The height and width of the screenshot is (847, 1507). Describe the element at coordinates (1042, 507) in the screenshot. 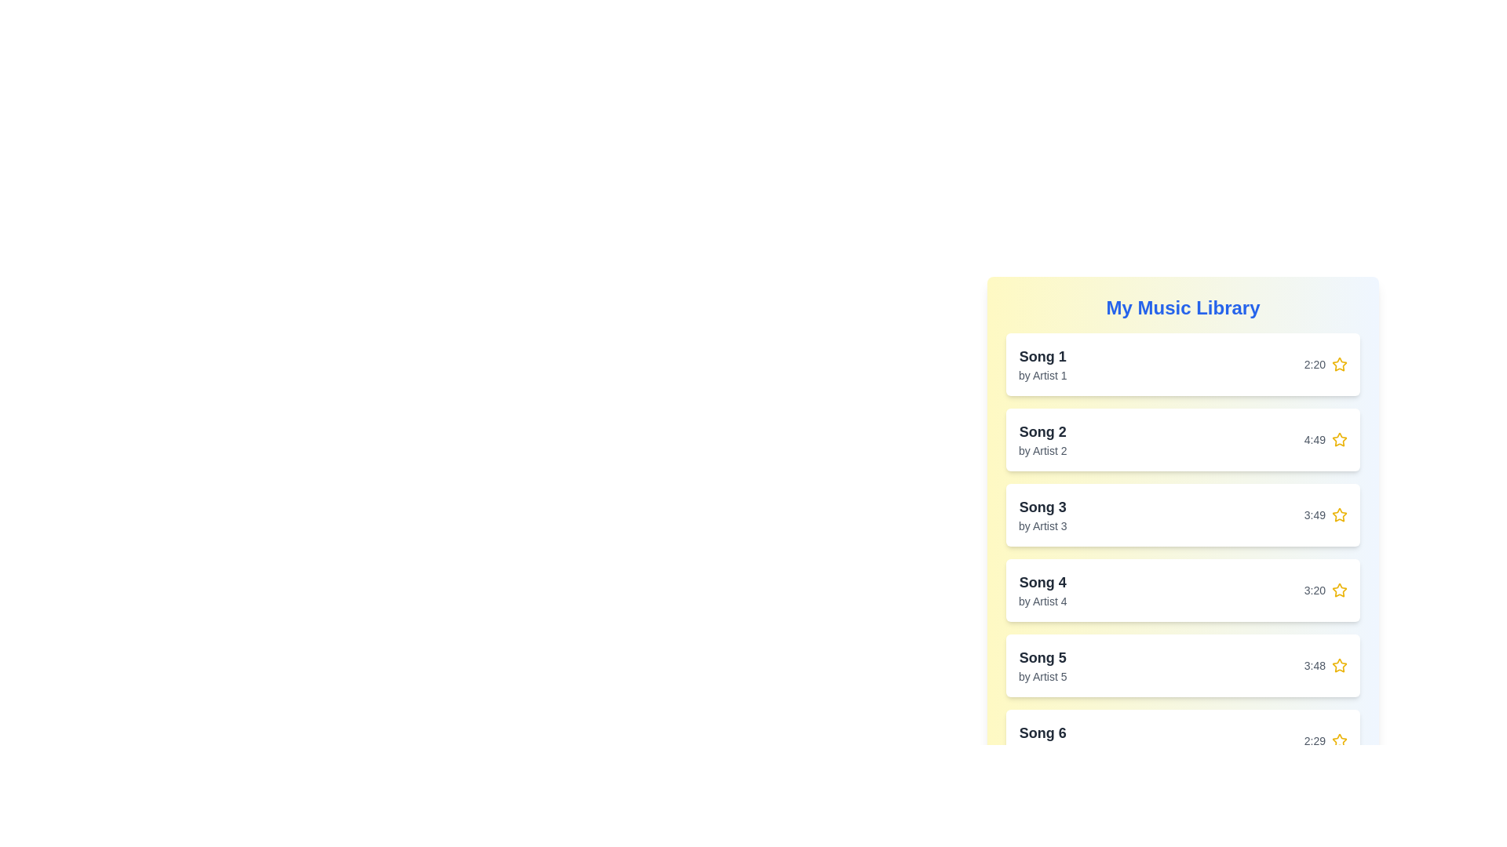

I see `the text label displaying the title 'Song 3', which is in bold and slightly larger font within the 'My Music Library' section` at that location.